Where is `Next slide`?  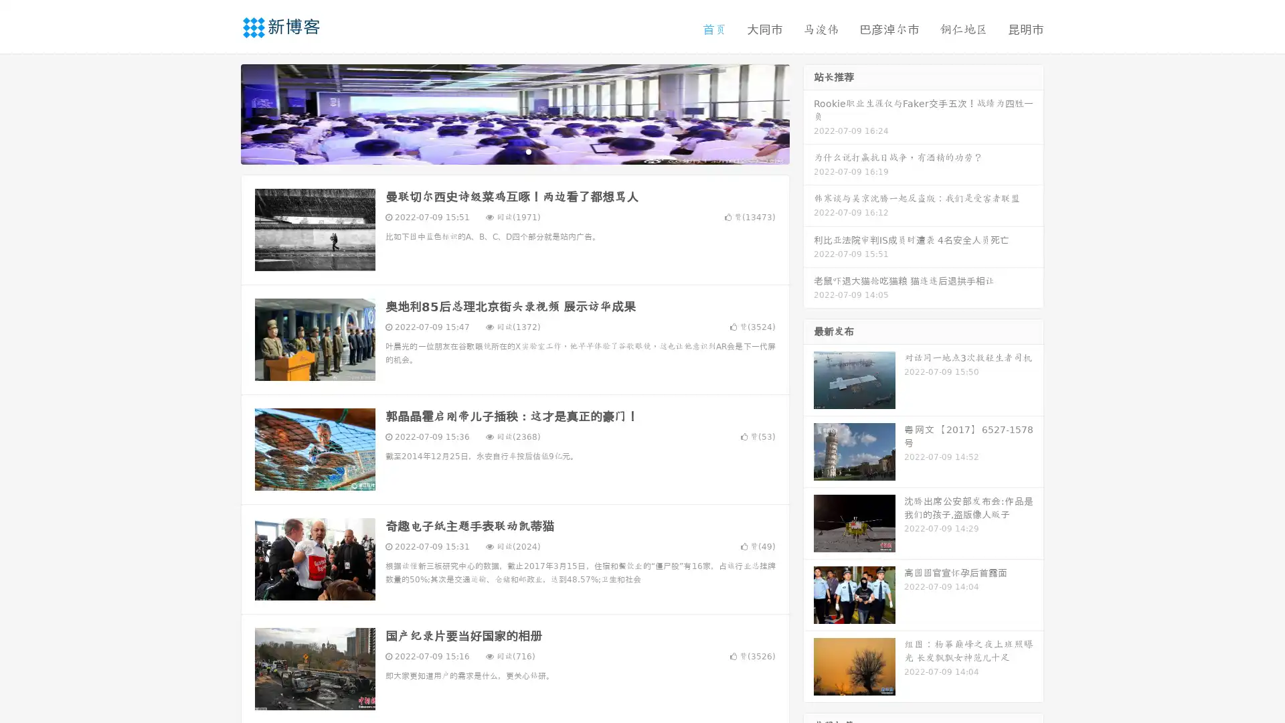
Next slide is located at coordinates (808, 112).